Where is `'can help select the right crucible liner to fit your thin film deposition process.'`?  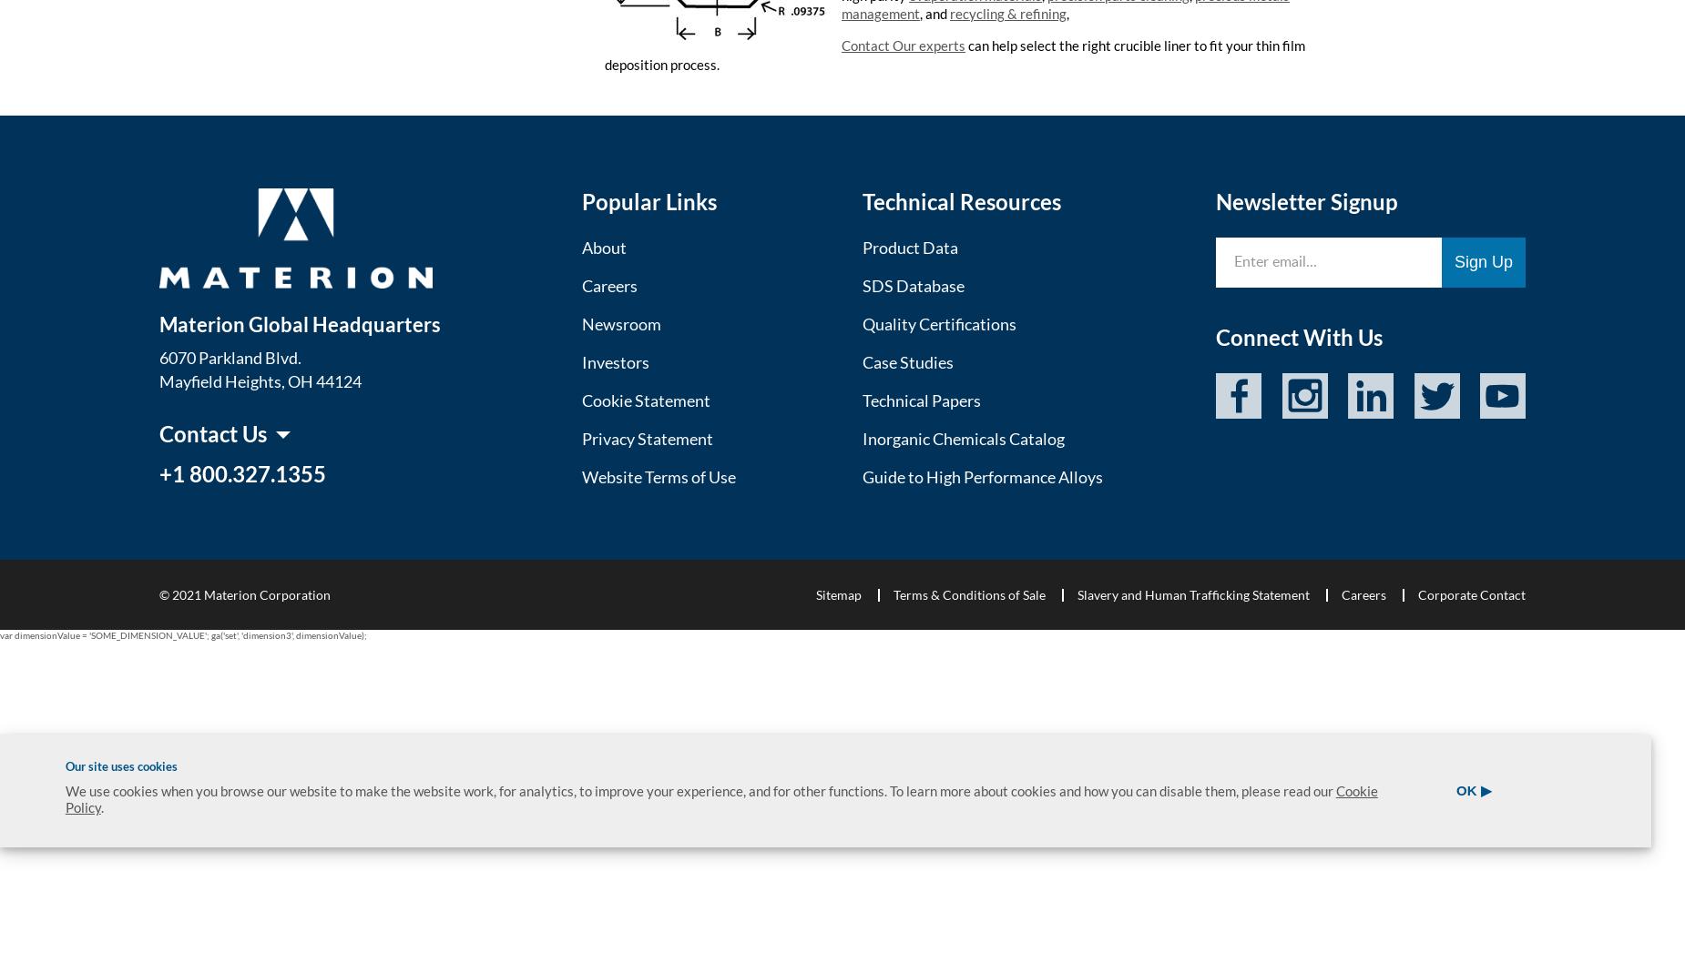 'can help select the right crucible liner to fit your thin film deposition process.' is located at coordinates (604, 54).